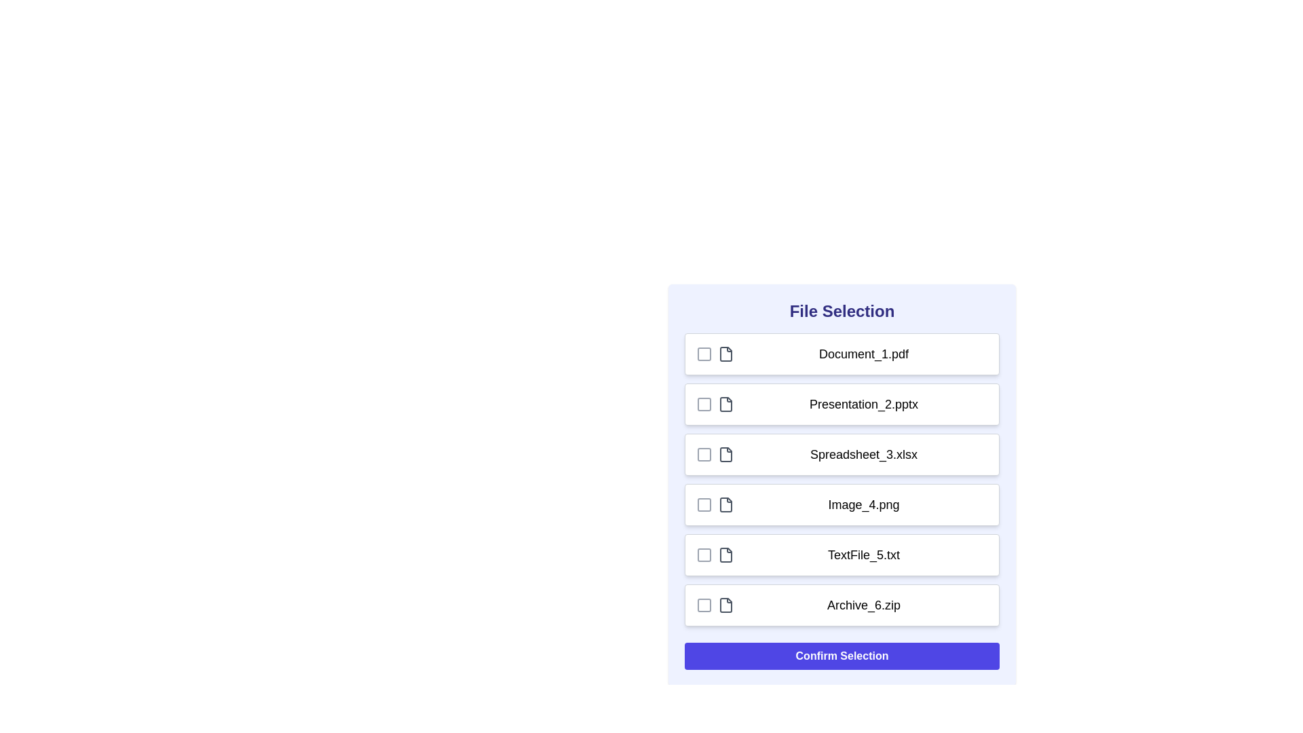 Image resolution: width=1303 pixels, height=733 pixels. I want to click on the checkbox corresponding to Archive_6.zip, so click(704, 604).